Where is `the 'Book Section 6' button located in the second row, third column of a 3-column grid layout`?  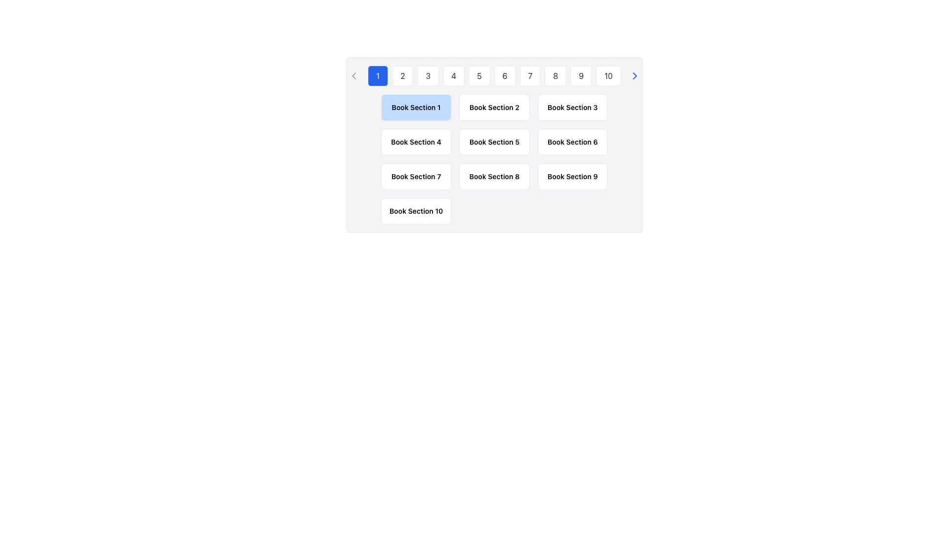 the 'Book Section 6' button located in the second row, third column of a 3-column grid layout is located at coordinates (572, 142).